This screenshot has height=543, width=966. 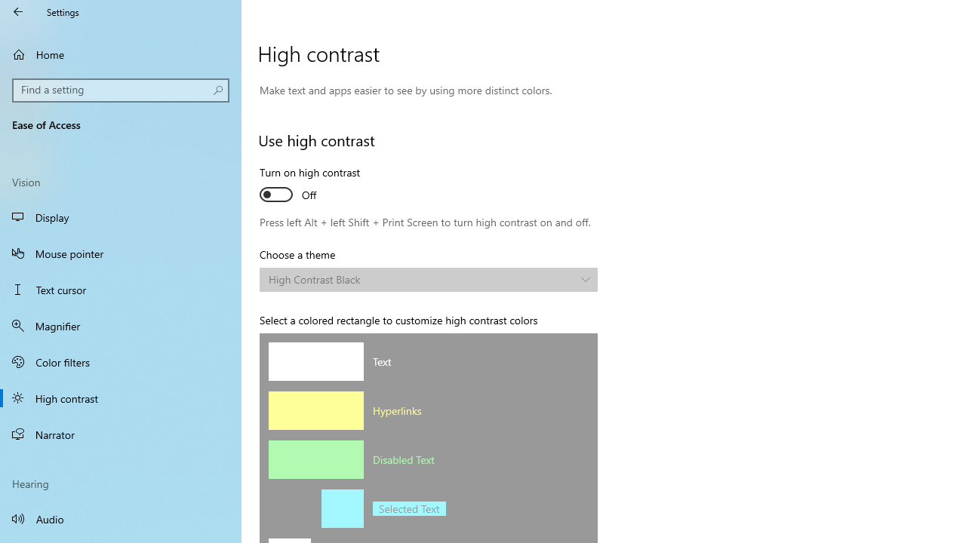 What do you see at coordinates (121, 54) in the screenshot?
I see `'Home'` at bounding box center [121, 54].